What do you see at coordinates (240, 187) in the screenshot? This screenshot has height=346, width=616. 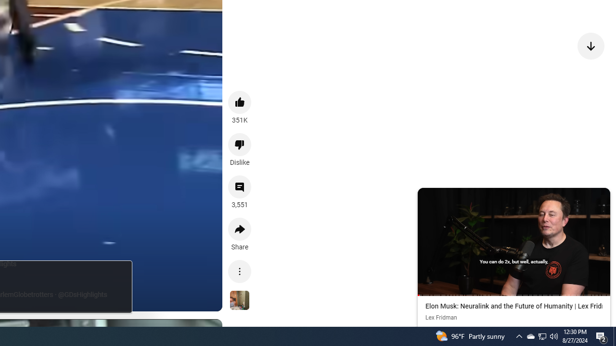 I see `'View 3,551 comments'` at bounding box center [240, 187].